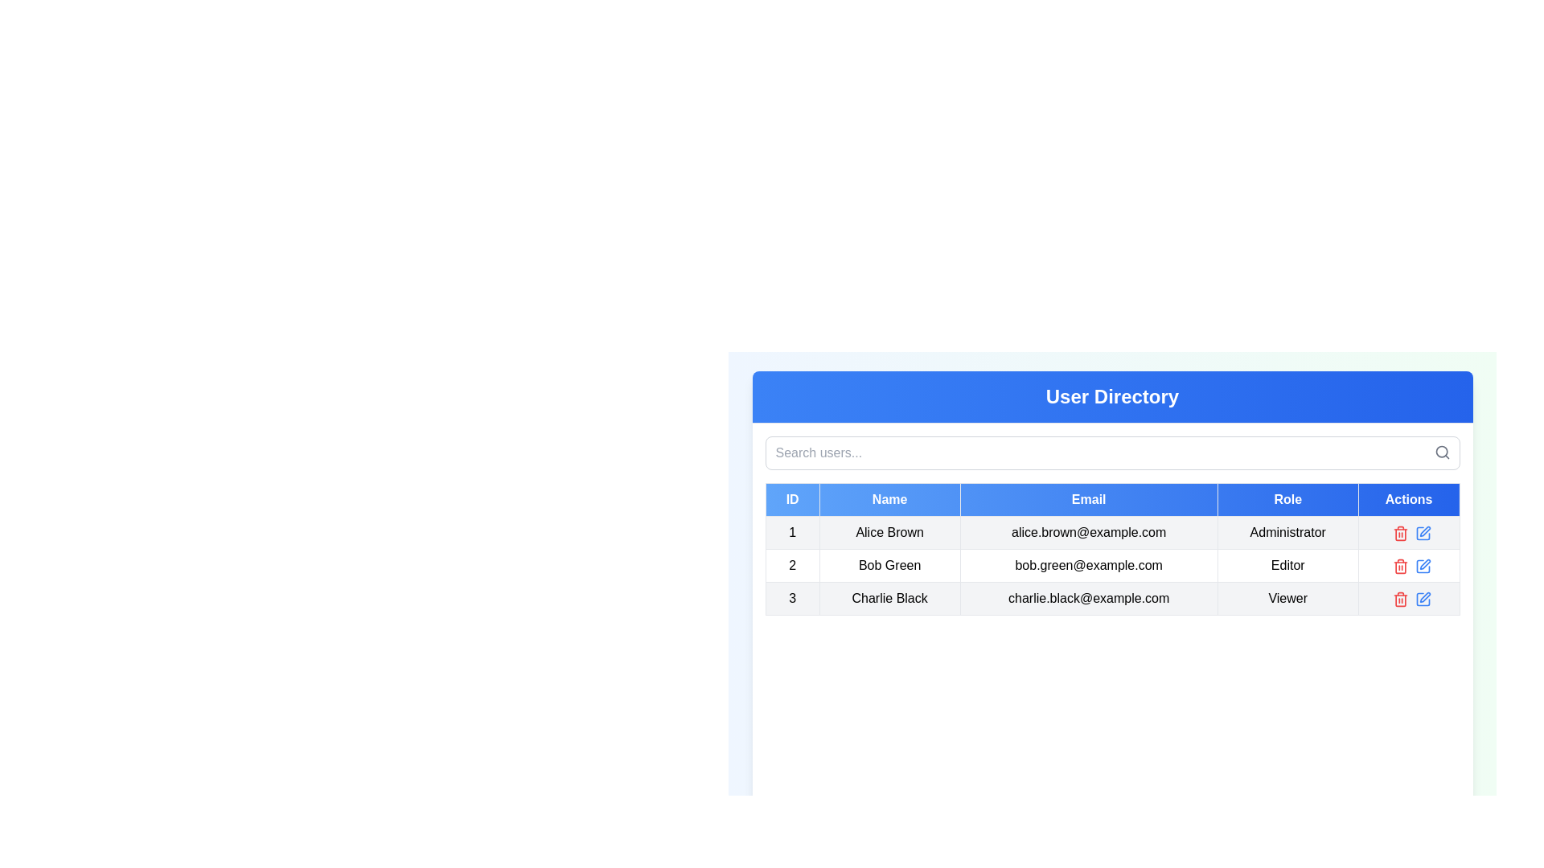 The width and height of the screenshot is (1544, 868). Describe the element at coordinates (1111, 548) in the screenshot. I see `the Data Table displaying user data under the title 'User Directory'` at that location.